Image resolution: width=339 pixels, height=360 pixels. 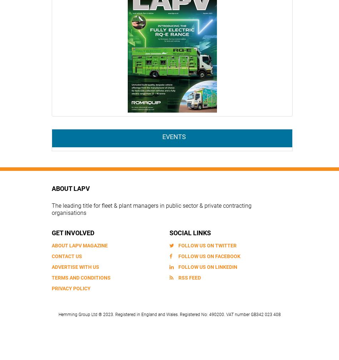 What do you see at coordinates (189, 277) in the screenshot?
I see `'RSS FEED'` at bounding box center [189, 277].